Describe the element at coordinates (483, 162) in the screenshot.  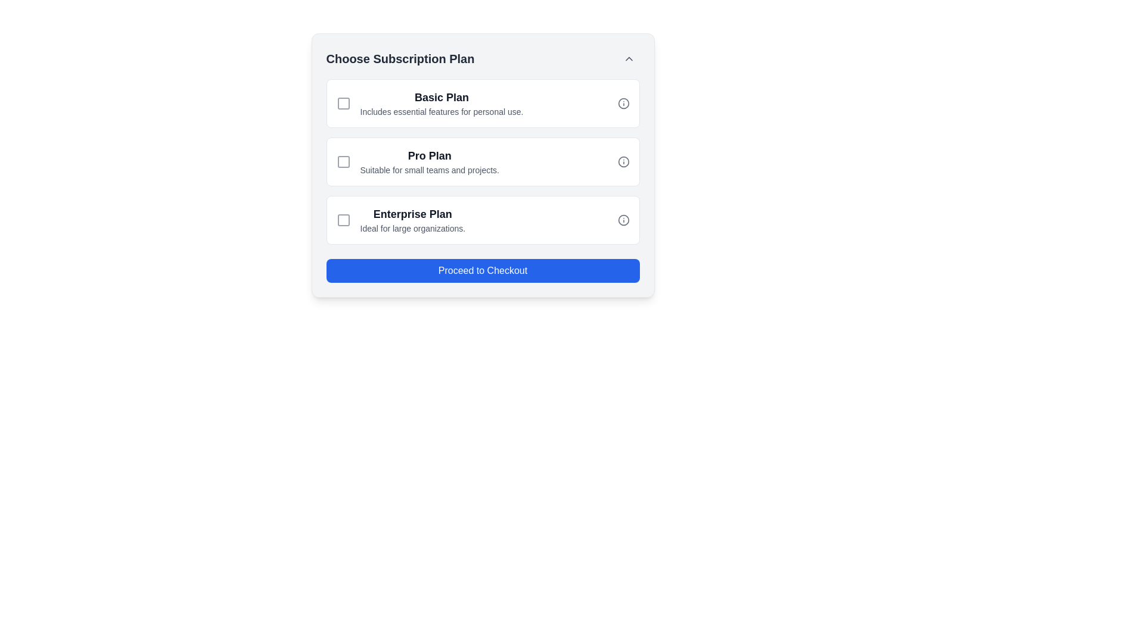
I see `the checkbox associated with the 'Pro Plan' selectable item in the list` at that location.